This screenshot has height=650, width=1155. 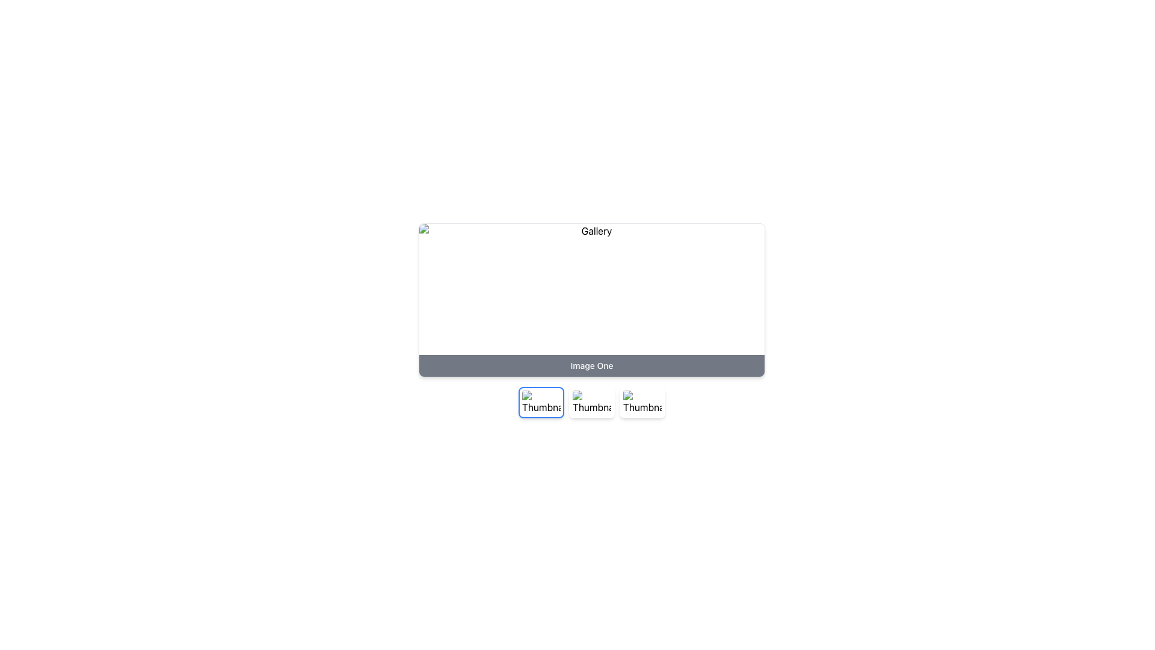 I want to click on the third interactive thumbnail located at the bottom center of the interface below the main image and the label 'Image One', so click(x=642, y=402).